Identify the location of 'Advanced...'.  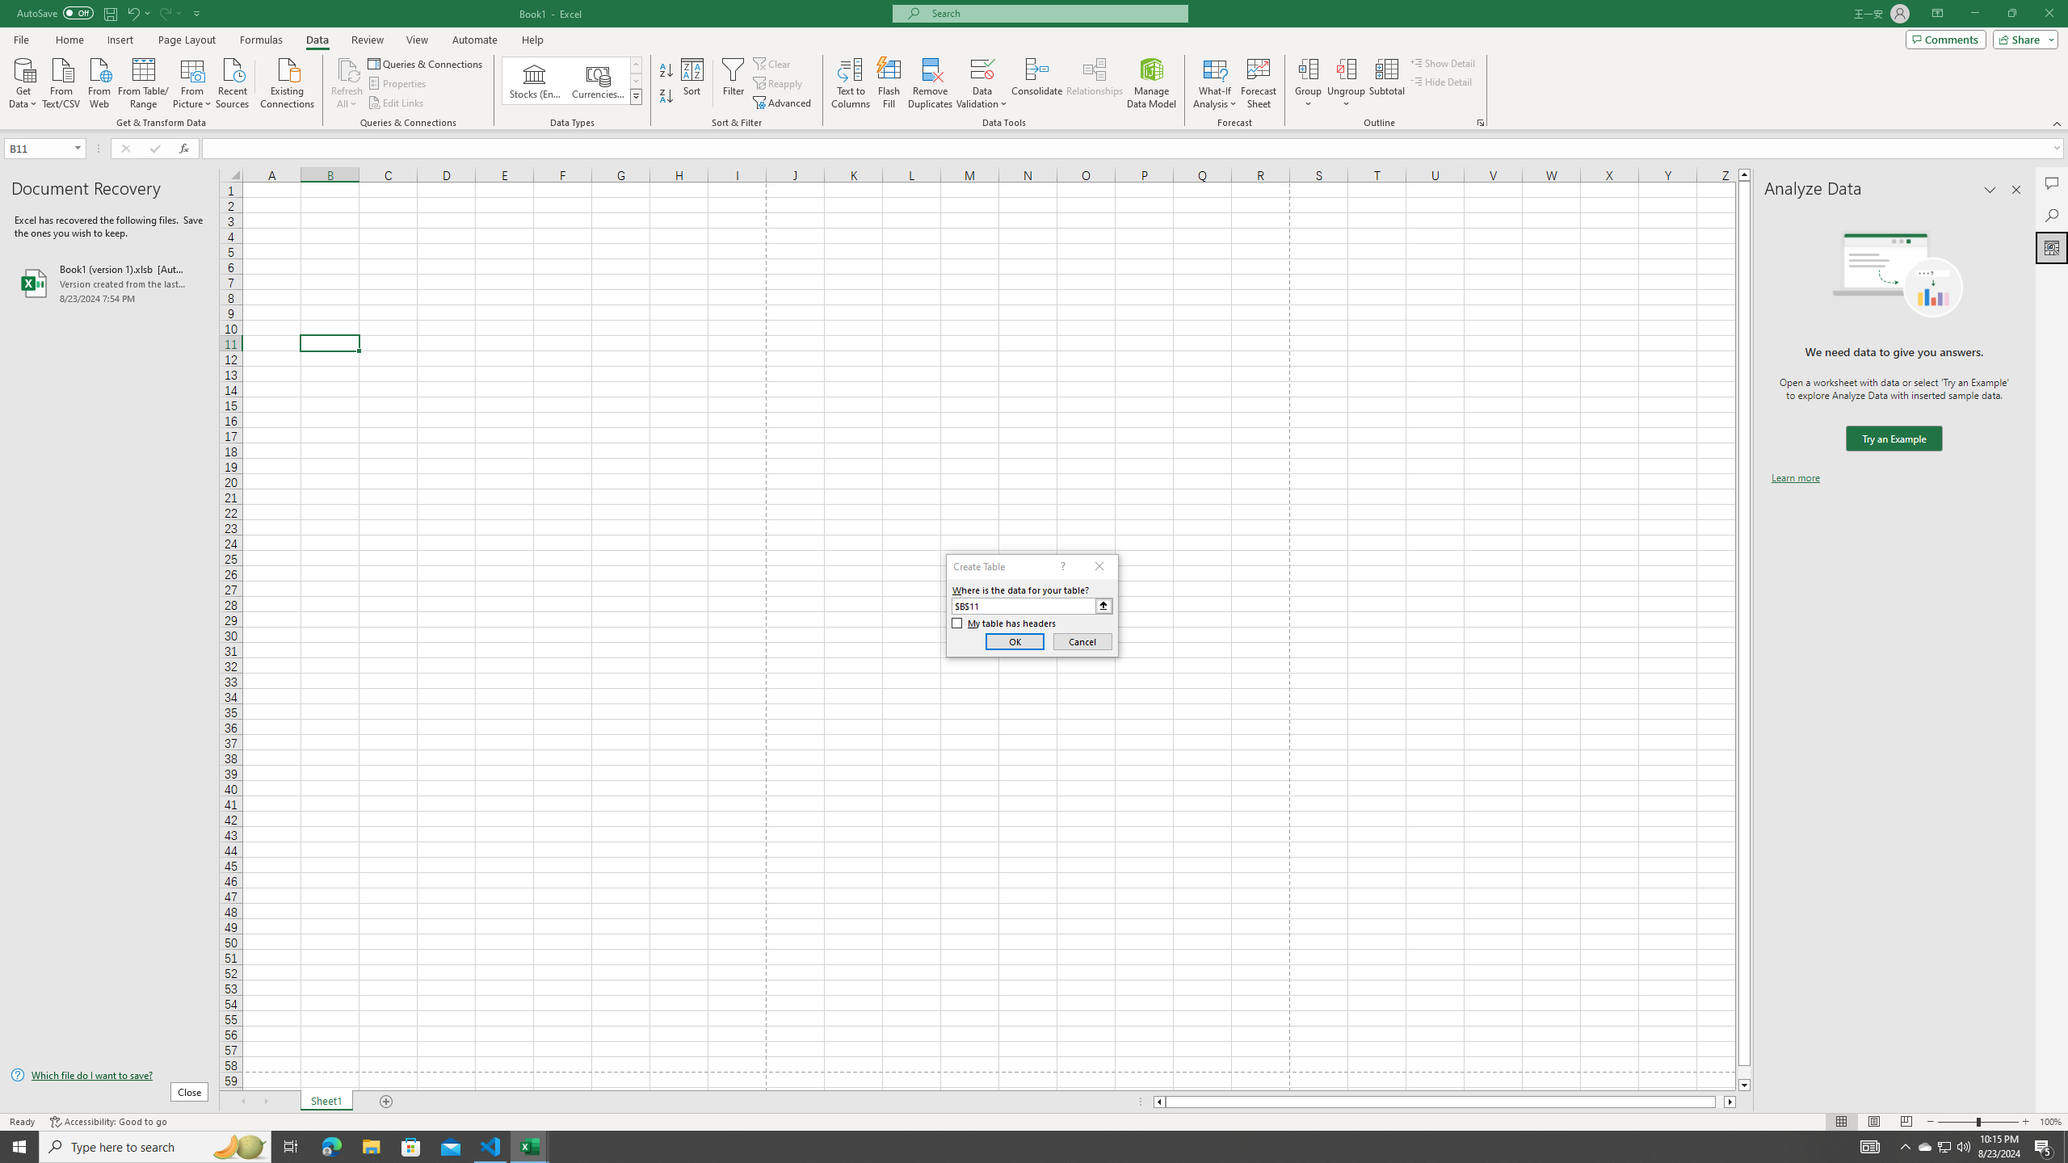
(784, 103).